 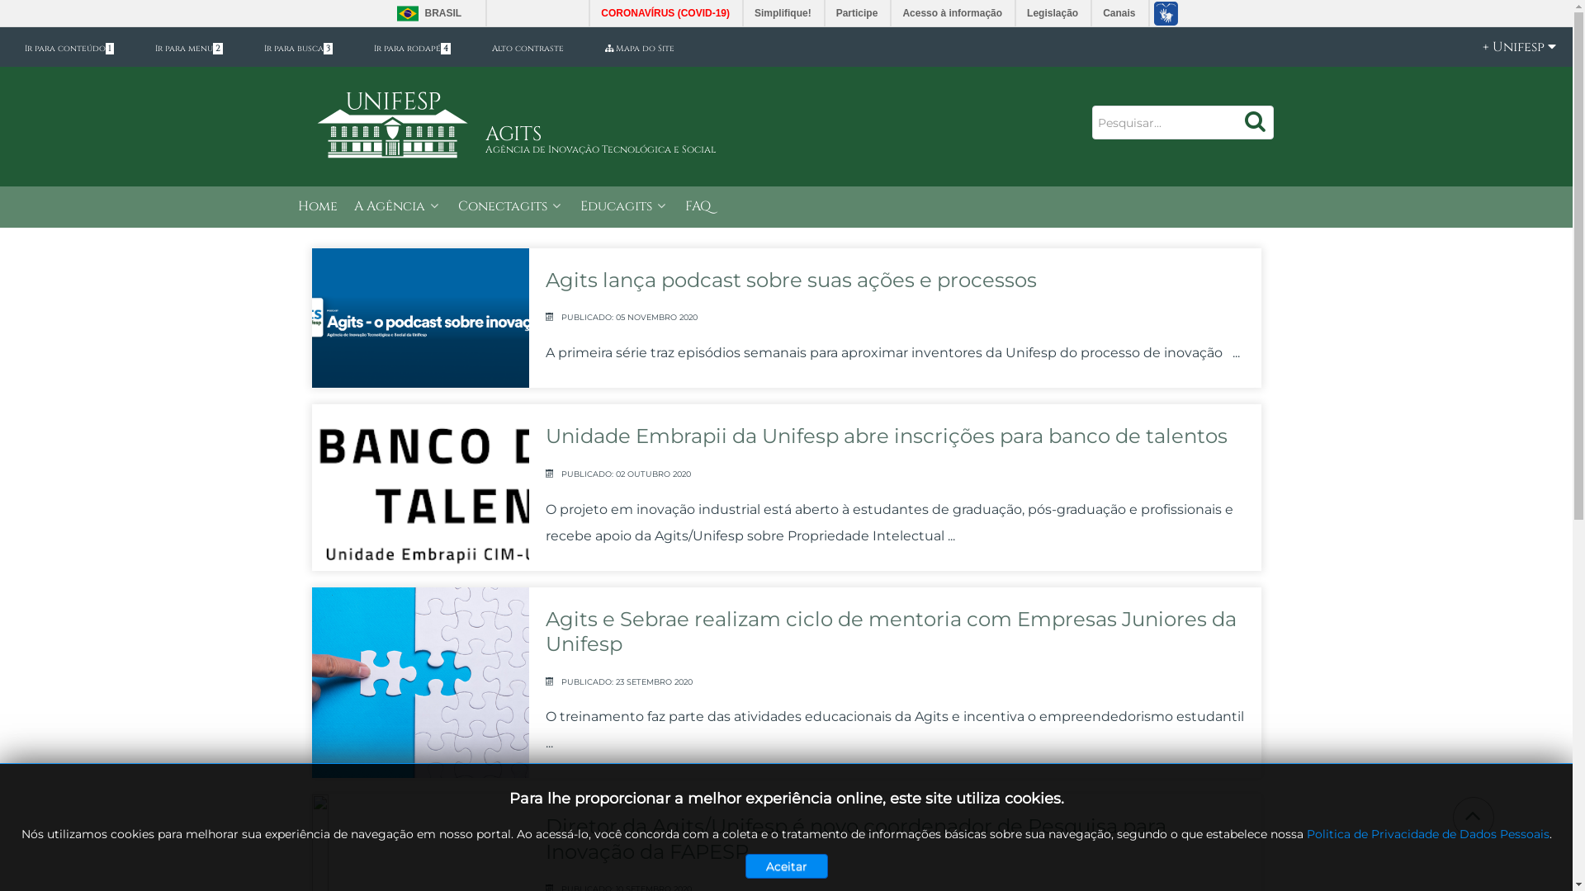 I want to click on 'Participe', so click(x=858, y=12).